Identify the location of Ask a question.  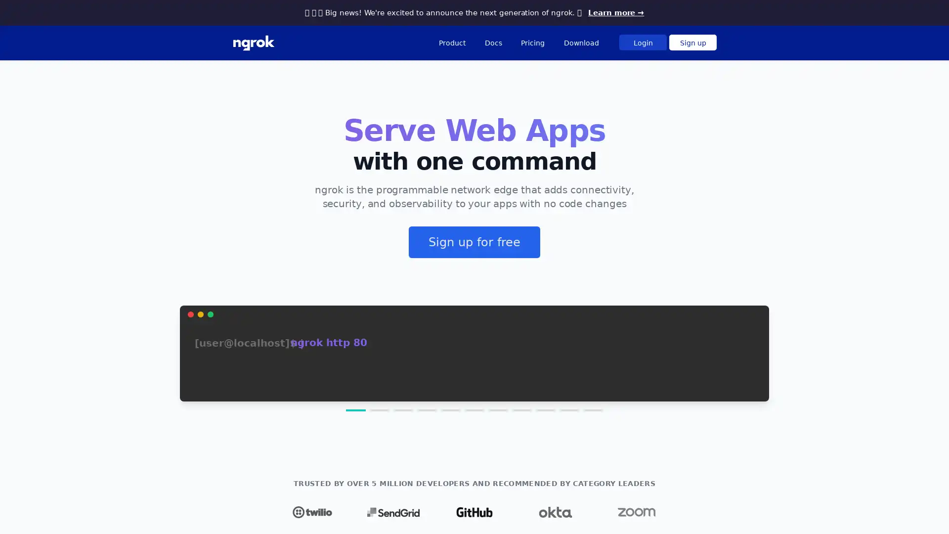
(889, 511).